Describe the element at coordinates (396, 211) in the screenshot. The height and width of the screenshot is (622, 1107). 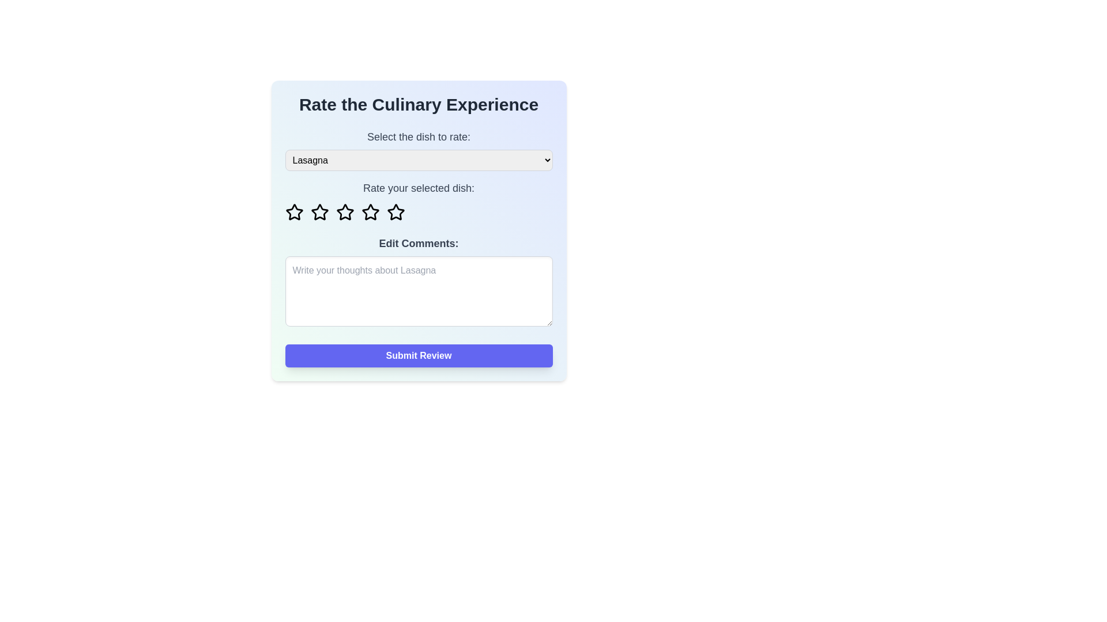
I see `the fourth star icon in the 'Rate your selected dish' section` at that location.